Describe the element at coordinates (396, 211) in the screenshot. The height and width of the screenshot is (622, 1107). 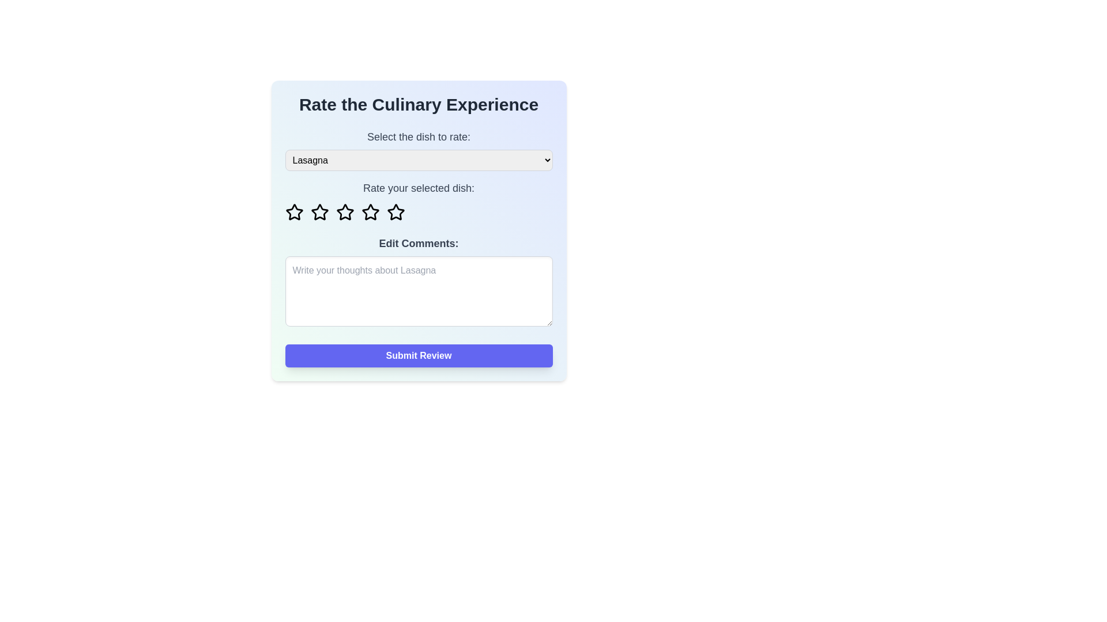
I see `the fourth star icon in the 'Rate your selected dish' section` at that location.